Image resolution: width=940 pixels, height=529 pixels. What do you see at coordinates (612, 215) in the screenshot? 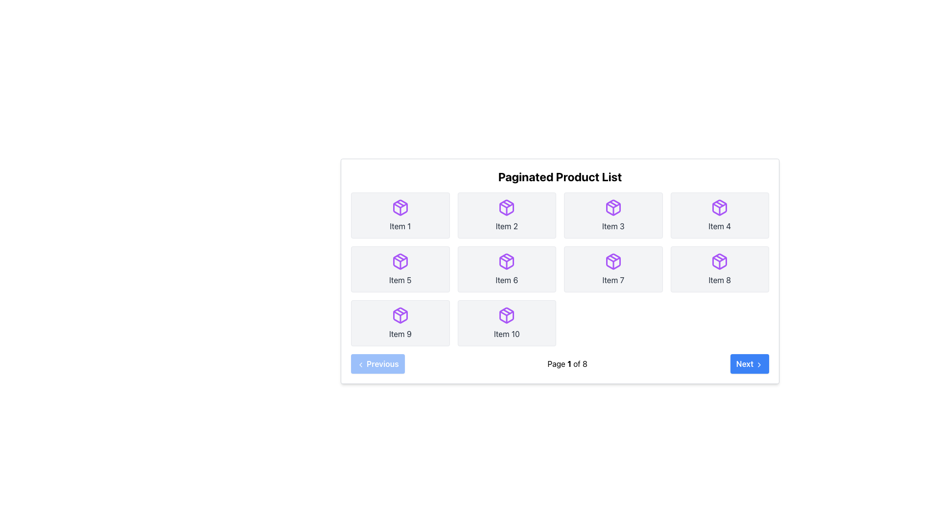
I see `label of the card item featuring a purple package icon and labeled 'Item 3', located in the third column of the first row within the 'Paginated Product List'` at bounding box center [612, 215].